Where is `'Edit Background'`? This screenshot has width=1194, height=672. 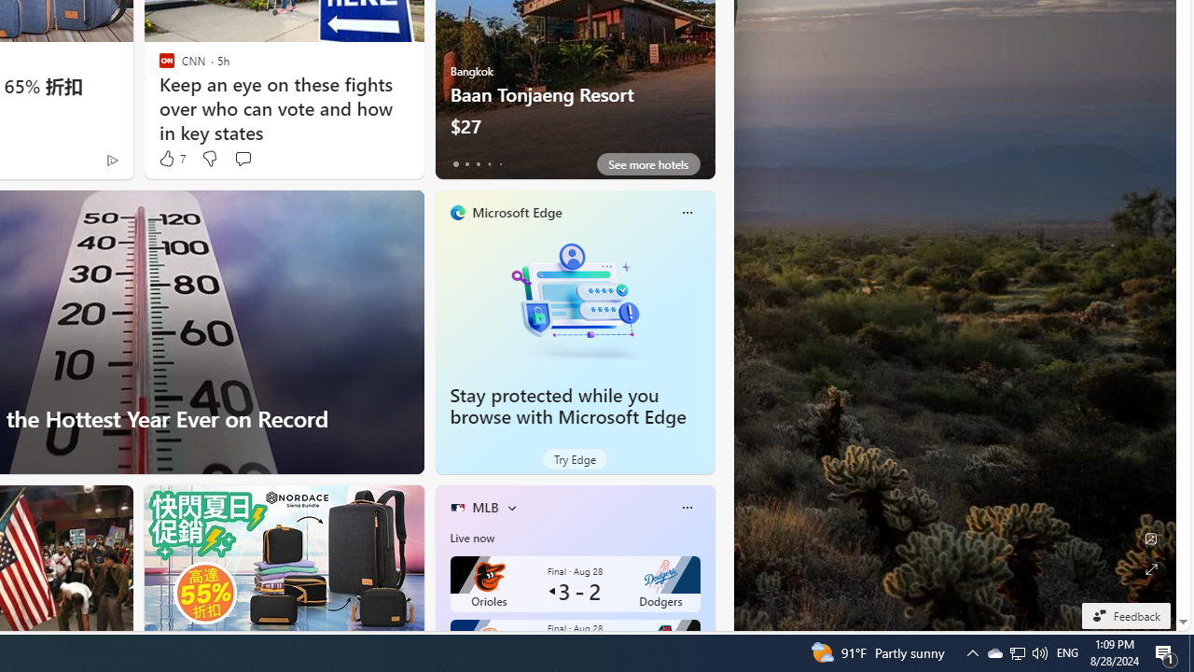 'Edit Background' is located at coordinates (1149, 539).